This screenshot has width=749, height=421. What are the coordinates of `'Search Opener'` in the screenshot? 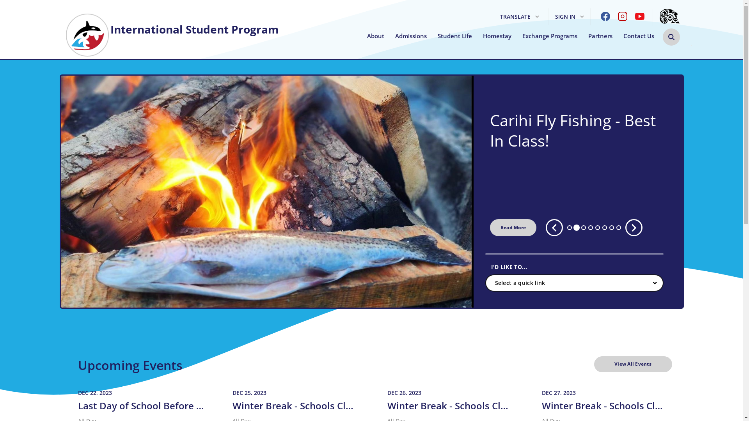 It's located at (662, 37).